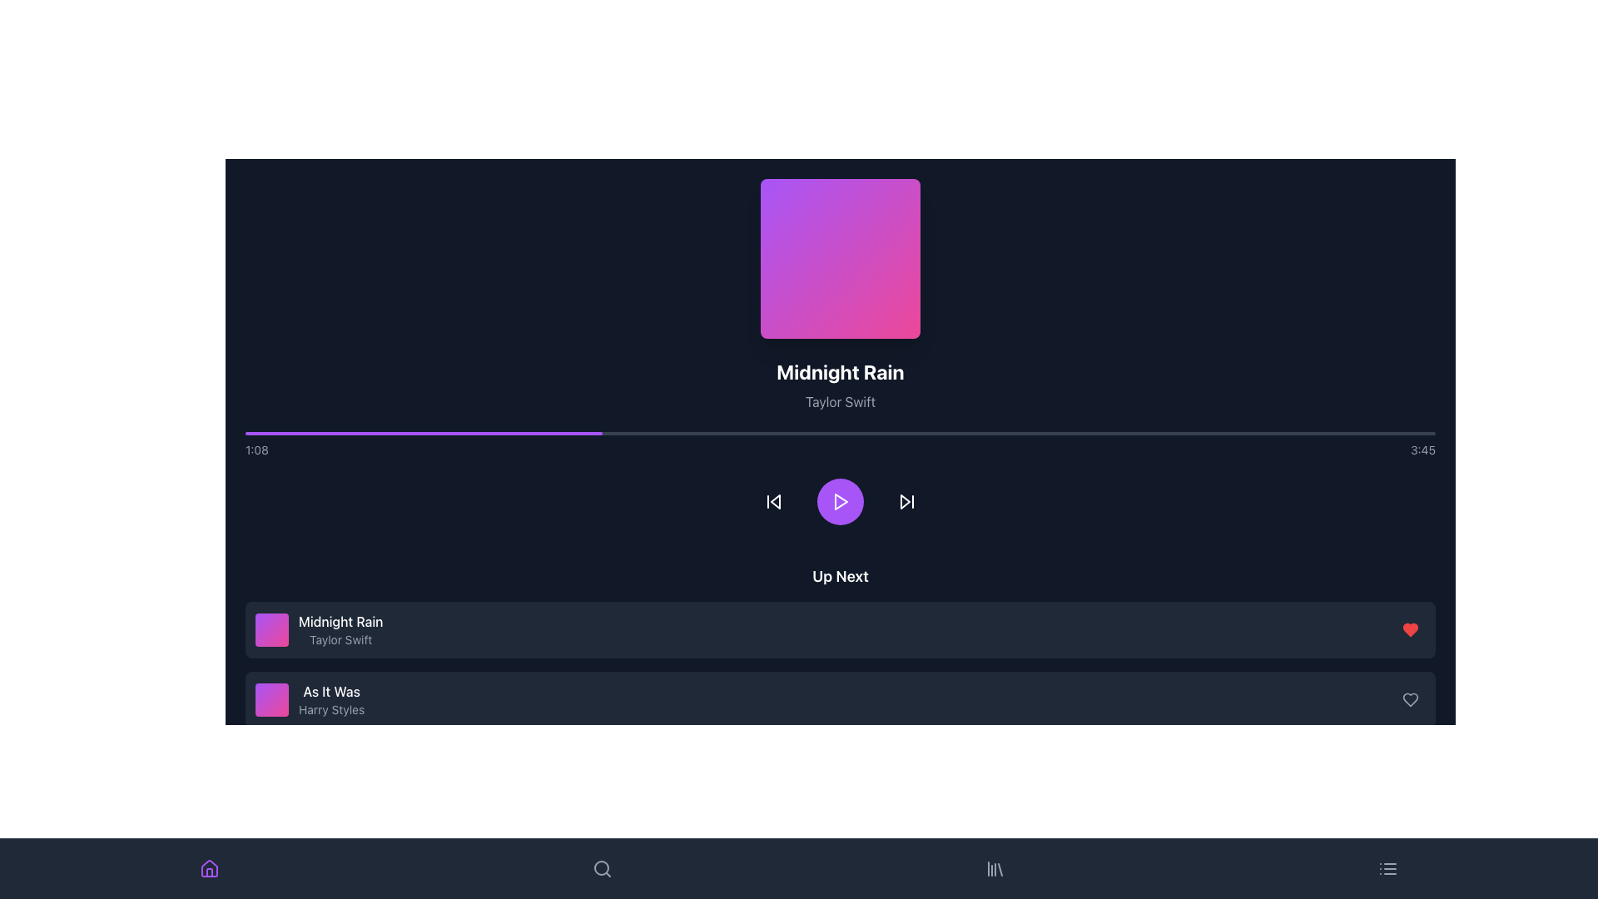  What do you see at coordinates (310, 699) in the screenshot?
I see `the list item entry displaying the music track 'As It Was Harry Styles'` at bounding box center [310, 699].